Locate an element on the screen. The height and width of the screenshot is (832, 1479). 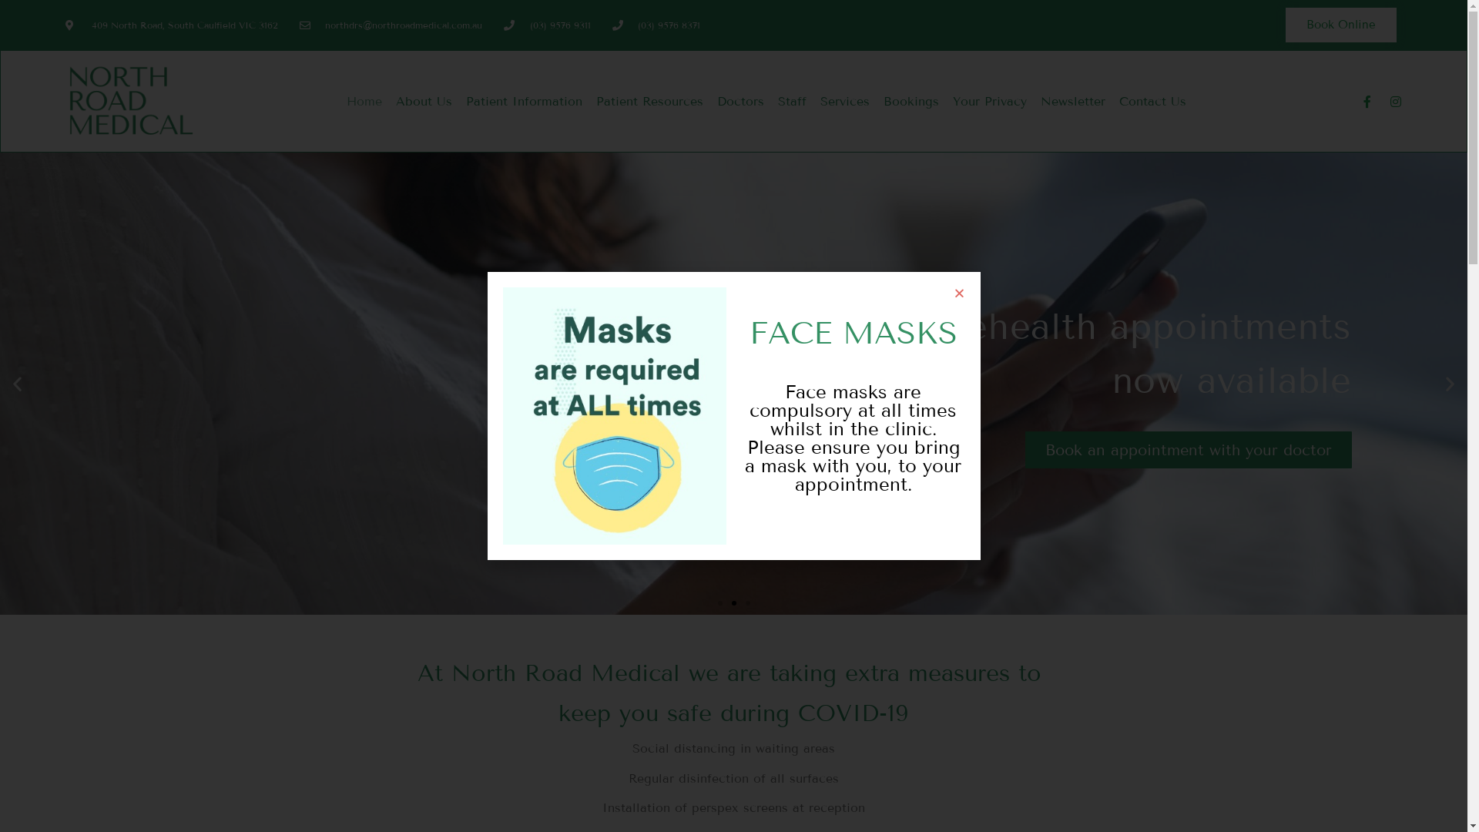
'northdrs@northroadmedical.com.au' is located at coordinates (391, 25).